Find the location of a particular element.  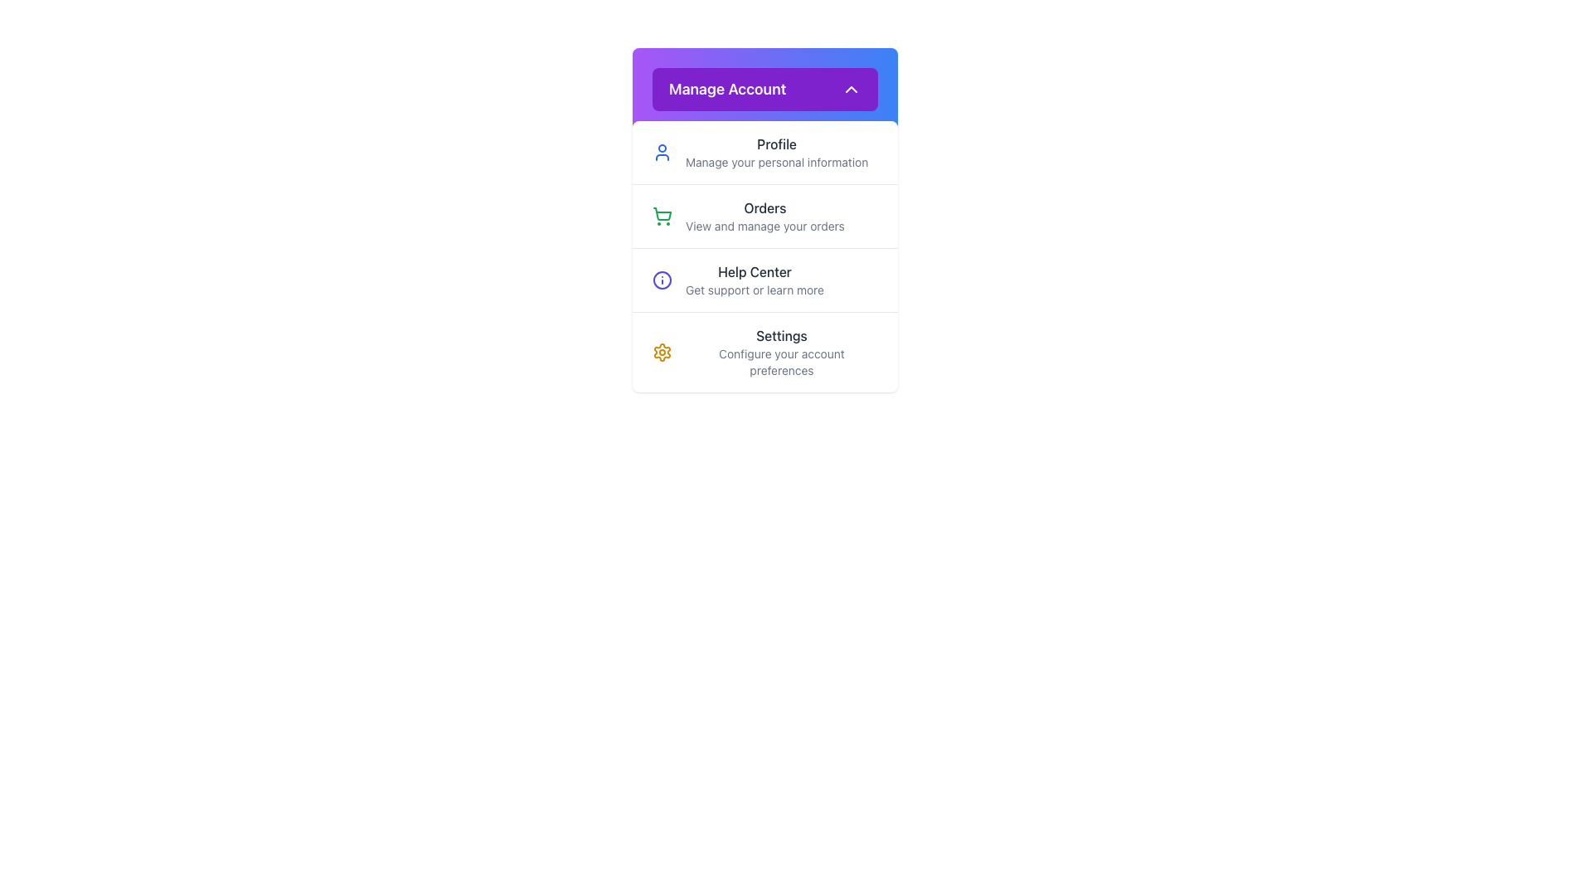

the 'Help Center' text block, which displays 'Help Center' in bold followed by 'Get support or learn more' in gray, located as the third item under 'Manage Account' is located at coordinates (754, 280).